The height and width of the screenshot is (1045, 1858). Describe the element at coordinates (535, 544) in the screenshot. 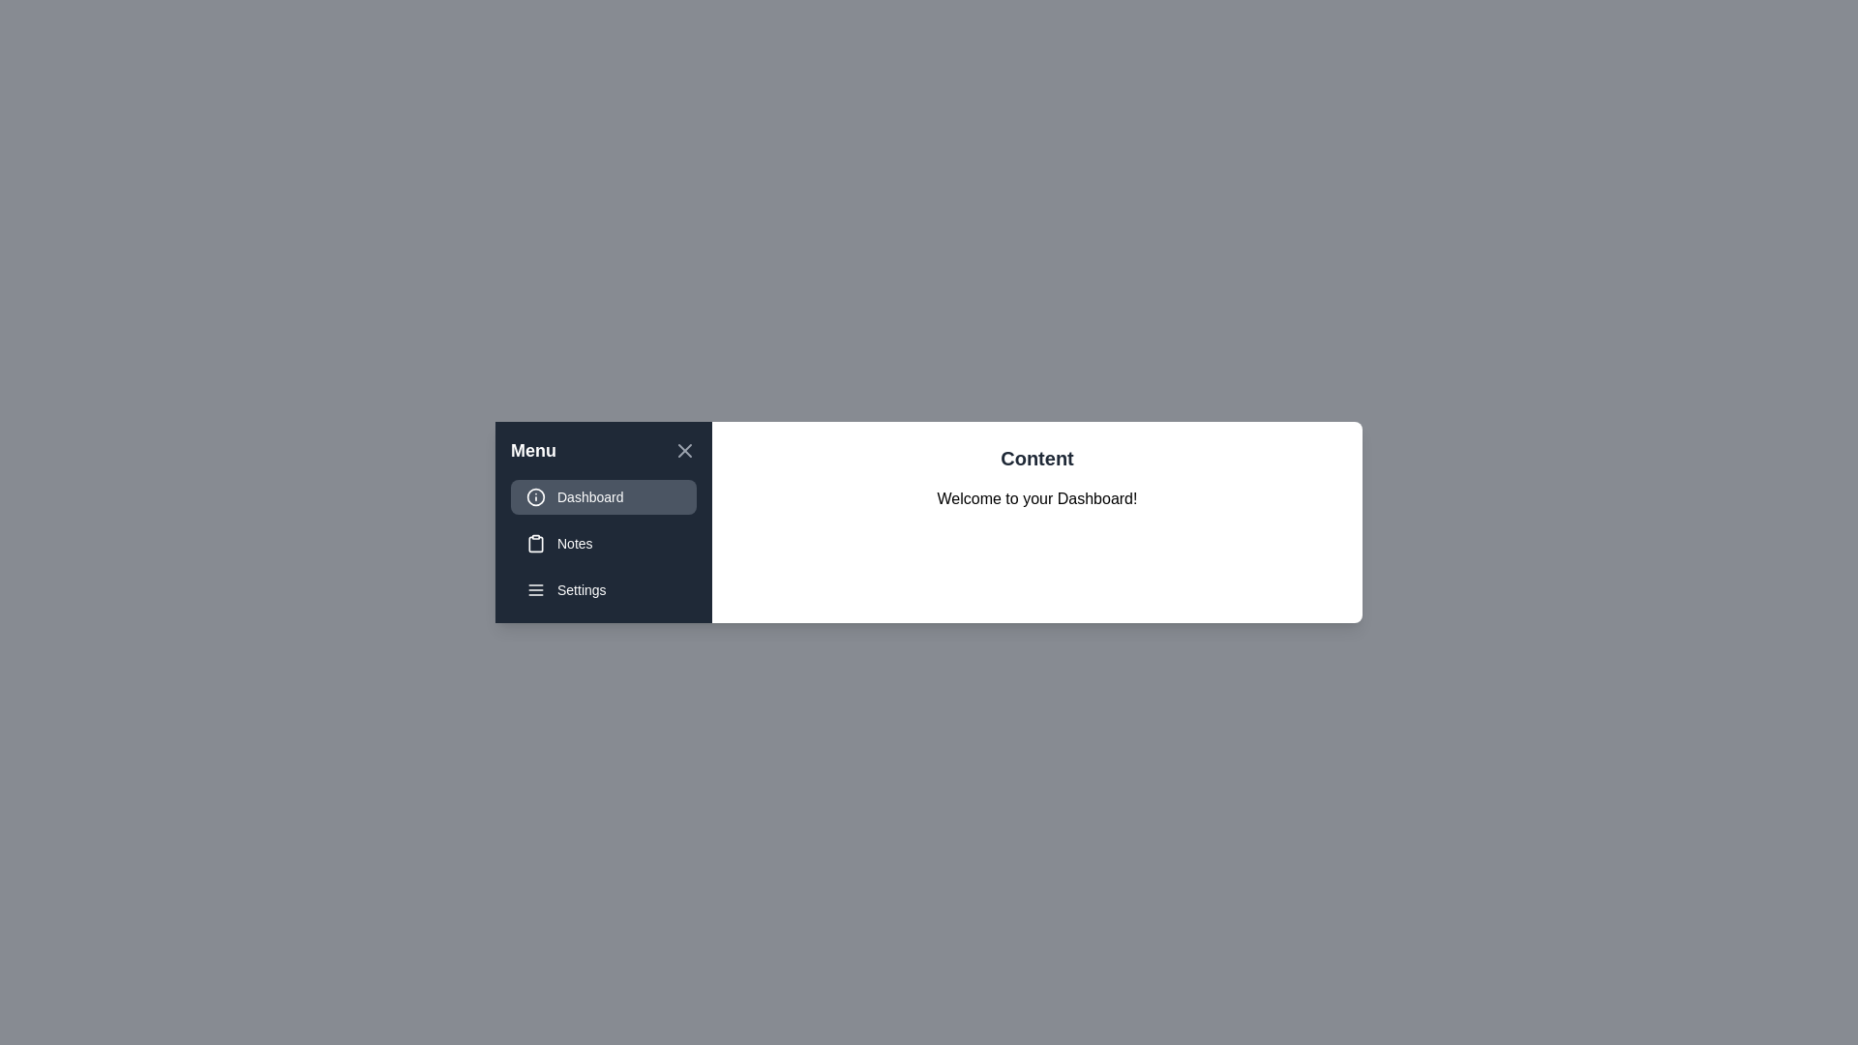

I see `the lower part of the clipboard icon in the navigation menu, which visually represents the 'Notes' section, positioned between 'Dashboard' and 'Settings'` at that location.